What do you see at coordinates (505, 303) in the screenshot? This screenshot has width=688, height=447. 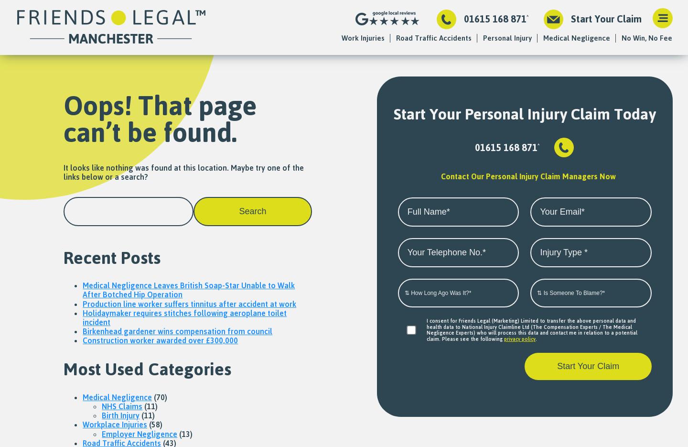 I see `'Paralysis Compensation'` at bounding box center [505, 303].